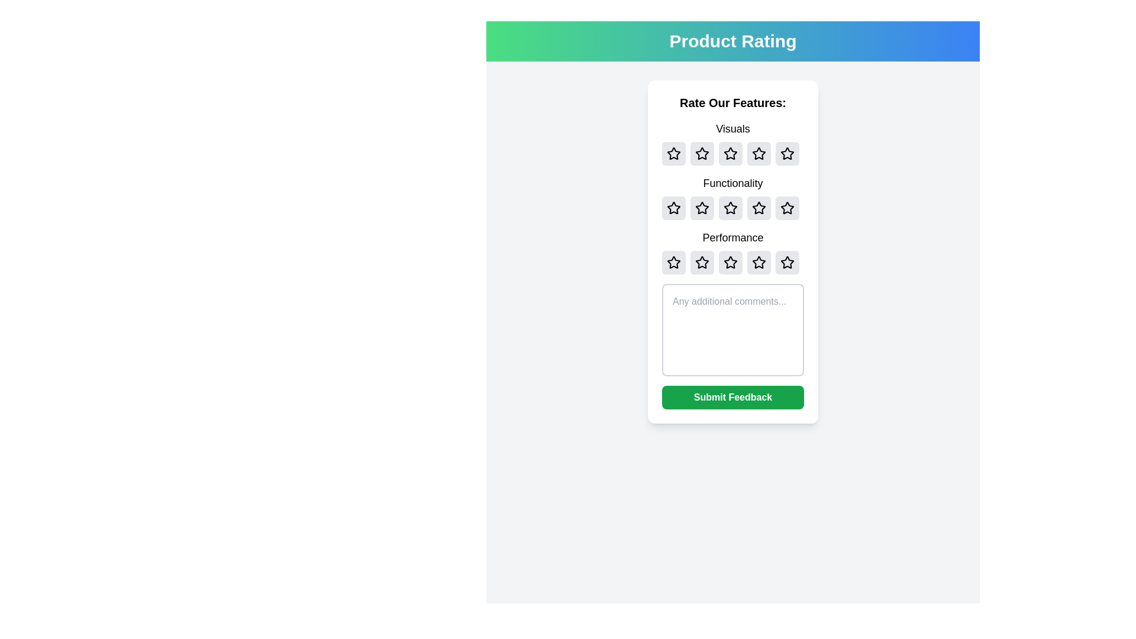 This screenshot has height=639, width=1136. Describe the element at coordinates (702, 153) in the screenshot. I see `the second button from the left in the 'Visuals' rating row, which has a gray background and a black outlined star symbol` at that location.